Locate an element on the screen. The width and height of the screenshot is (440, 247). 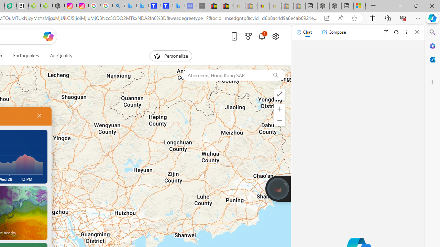
'Chat' is located at coordinates (304, 32).